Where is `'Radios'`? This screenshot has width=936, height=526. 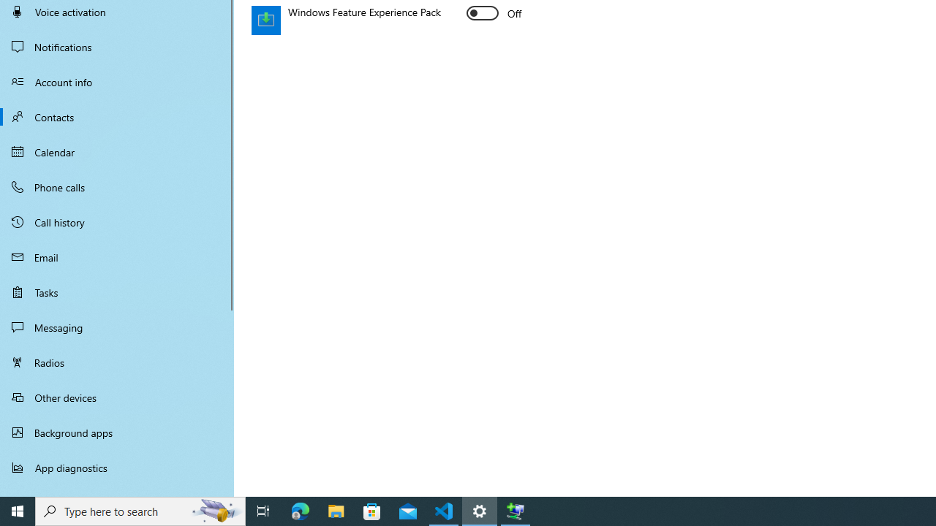
'Radios' is located at coordinates (117, 362).